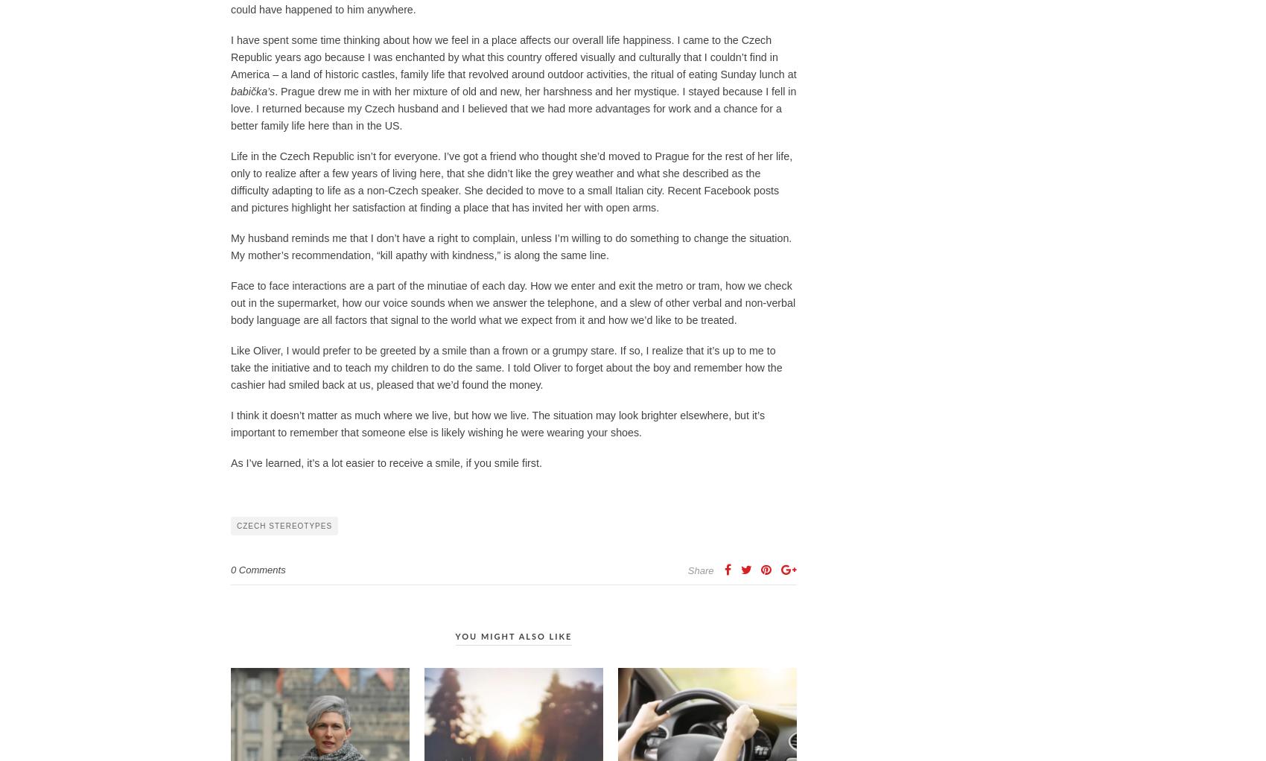 This screenshot has width=1266, height=761. I want to click on 'I think it doesn’t matter as much where we live, but how we live. The situation may look brighter elsewhere, but it’s important to remember that someone else is likely wishing he were wearing your shoes.', so click(497, 423).